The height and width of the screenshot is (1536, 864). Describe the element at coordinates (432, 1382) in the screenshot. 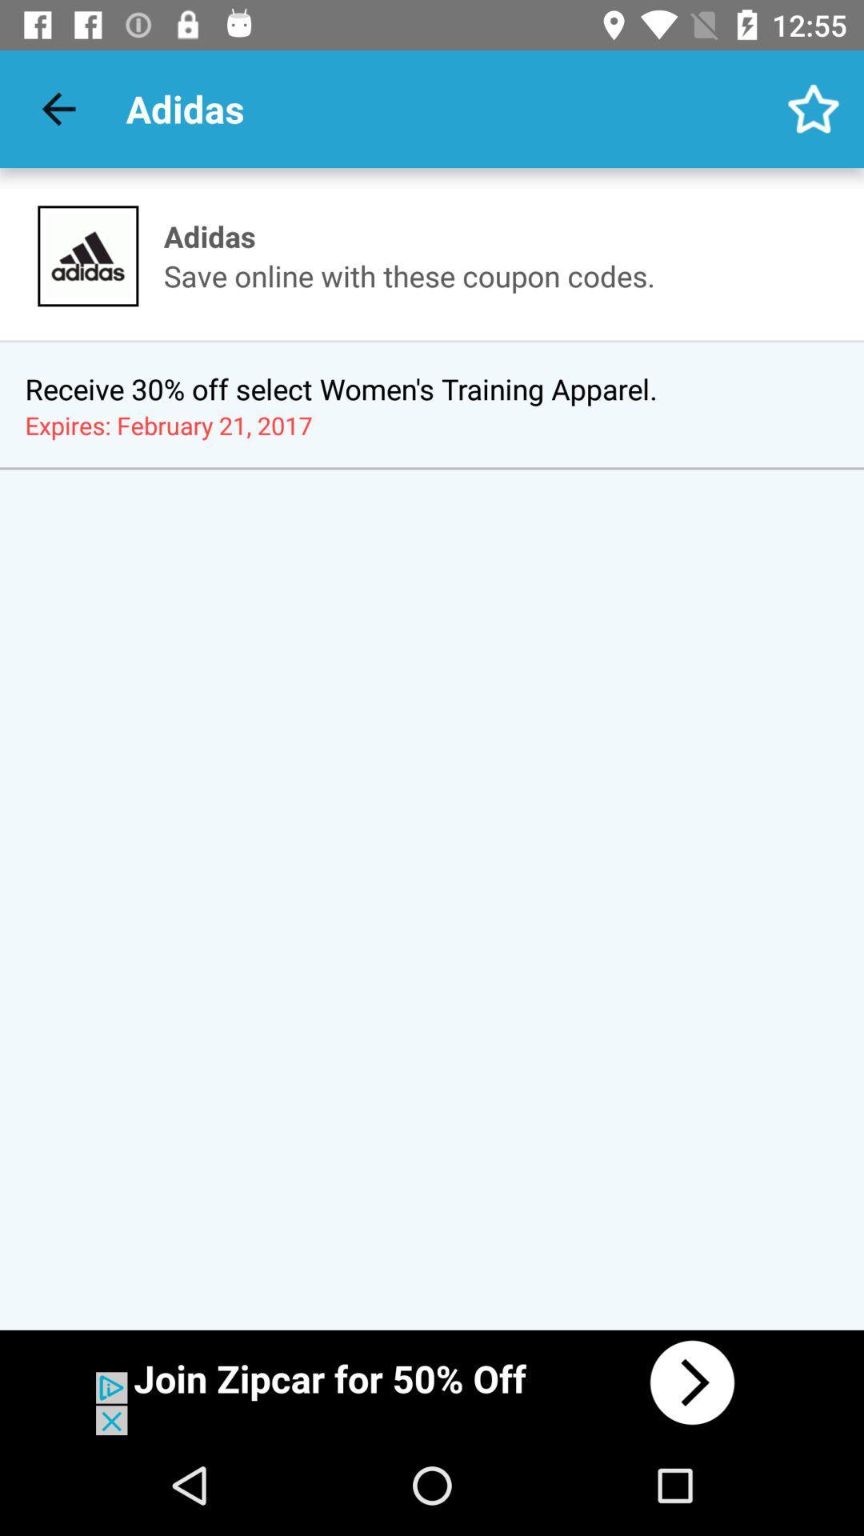

I see `advertisement` at that location.